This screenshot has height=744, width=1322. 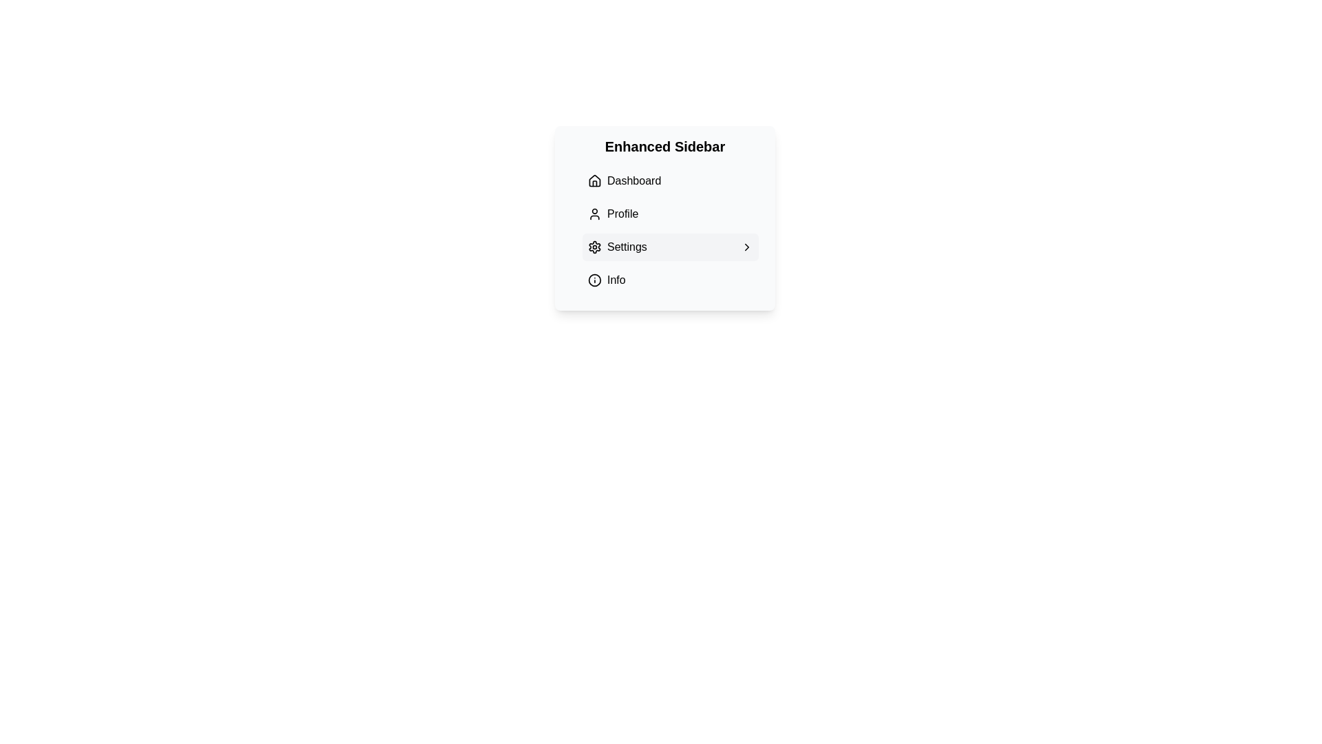 What do you see at coordinates (595, 246) in the screenshot?
I see `the 'Settings' icon located in the sidebar, which visually represents the 'Settings' section and is positioned to the left of the 'Settings' label` at bounding box center [595, 246].